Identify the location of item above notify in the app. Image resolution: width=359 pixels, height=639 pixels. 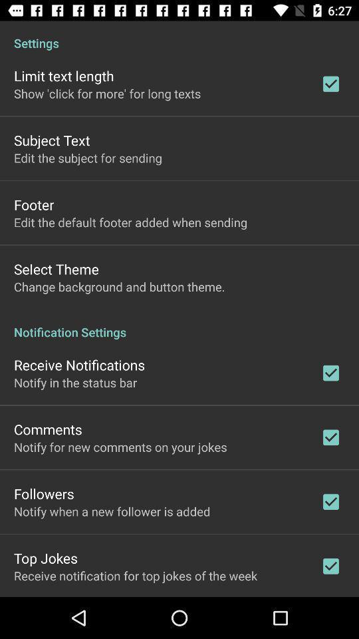
(79, 365).